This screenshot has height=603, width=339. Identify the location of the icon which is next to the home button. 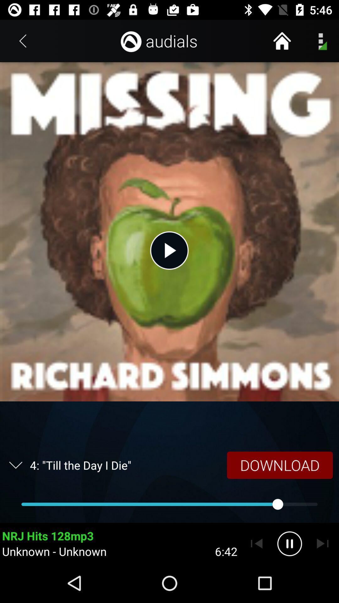
(320, 41).